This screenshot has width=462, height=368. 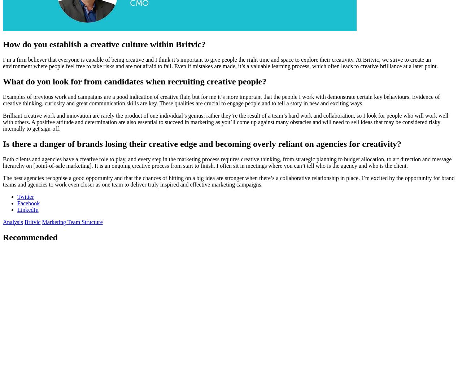 What do you see at coordinates (24, 221) in the screenshot?
I see `'Britvic'` at bounding box center [24, 221].